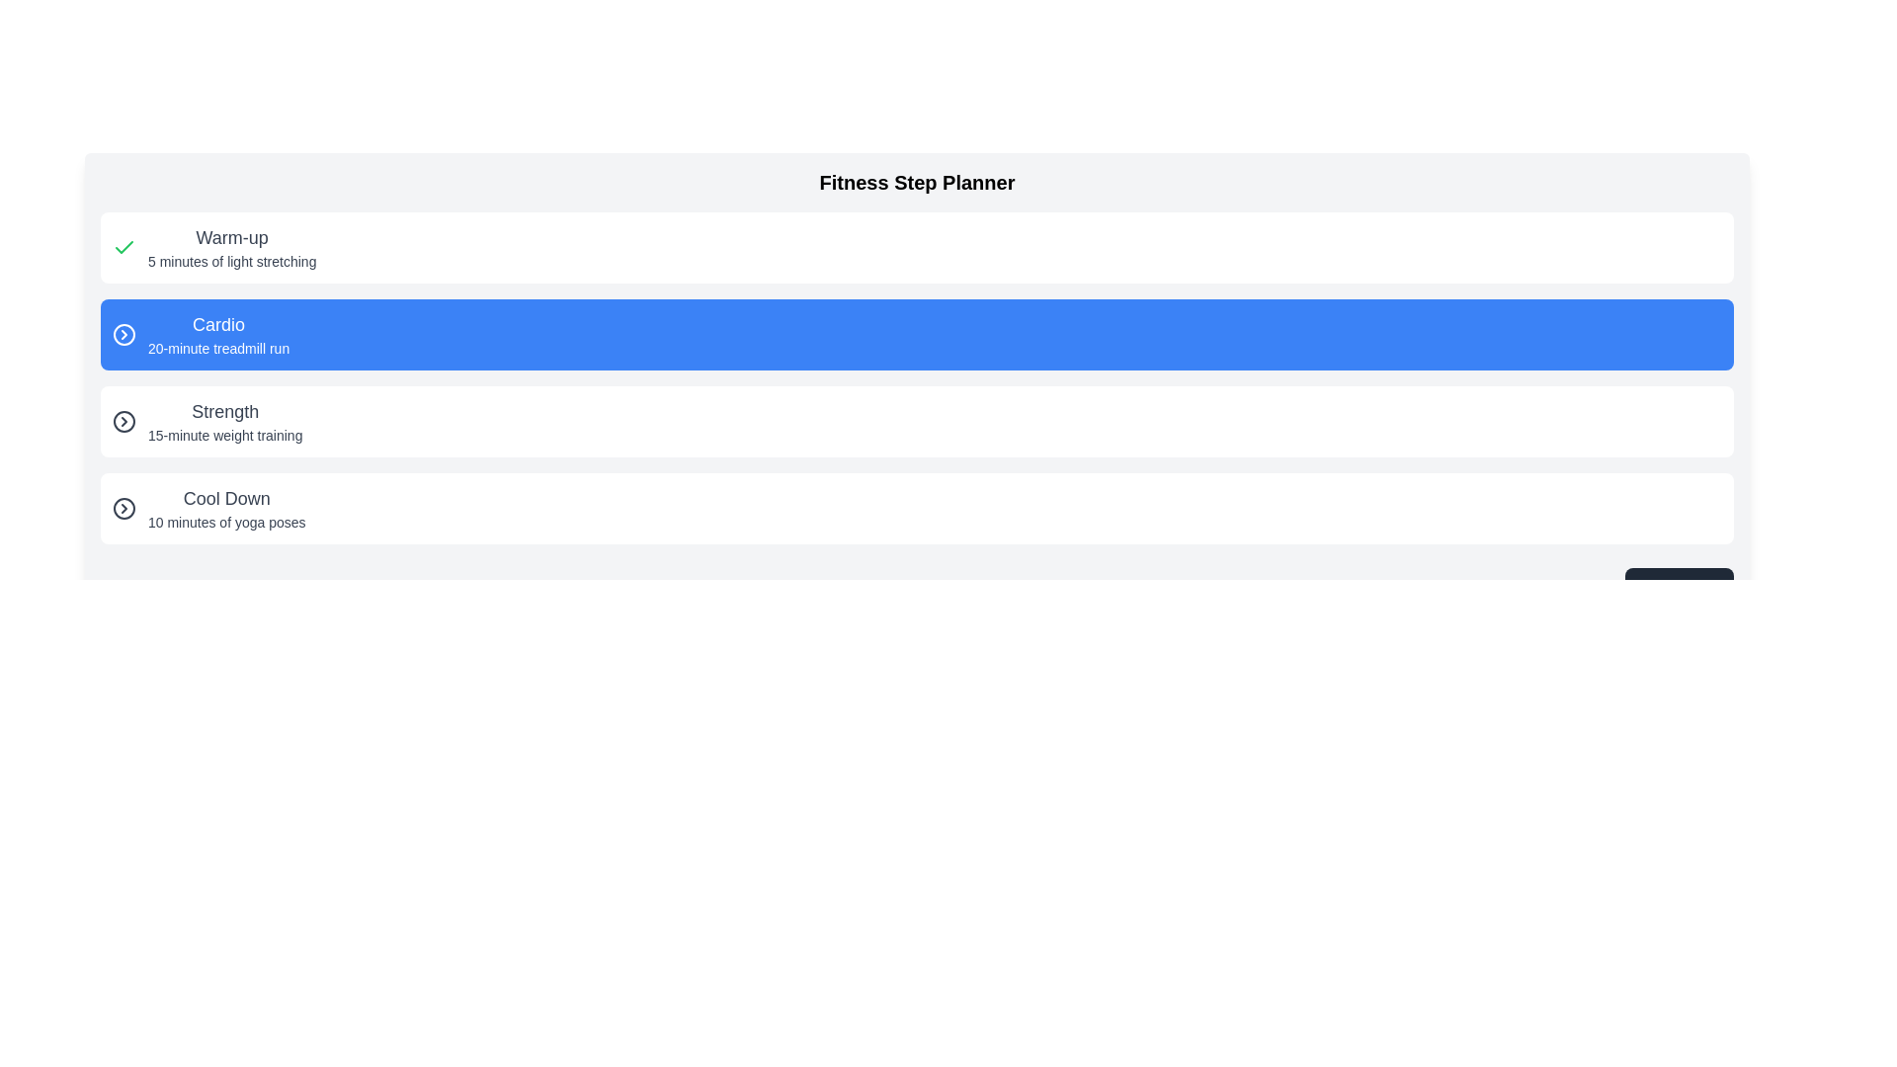 The image size is (1897, 1067). Describe the element at coordinates (123, 246) in the screenshot. I see `the green checkmark icon indicating completion for the 'Warm-up' list item by moving the cursor to it` at that location.